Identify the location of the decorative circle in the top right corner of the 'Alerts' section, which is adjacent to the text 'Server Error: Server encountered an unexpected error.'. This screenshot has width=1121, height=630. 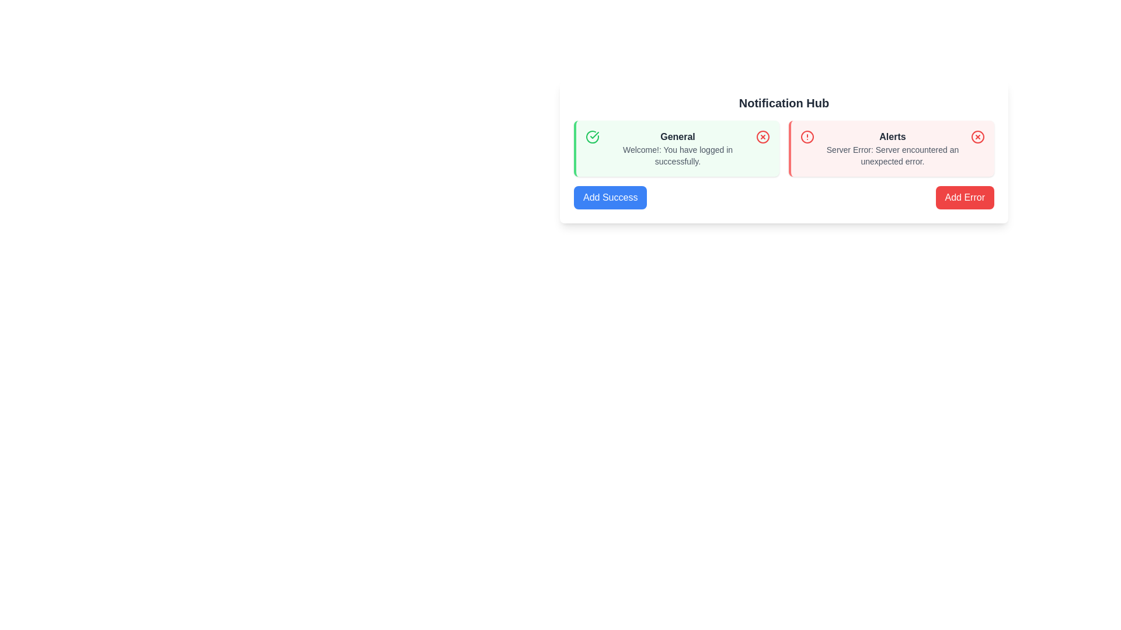
(978, 136).